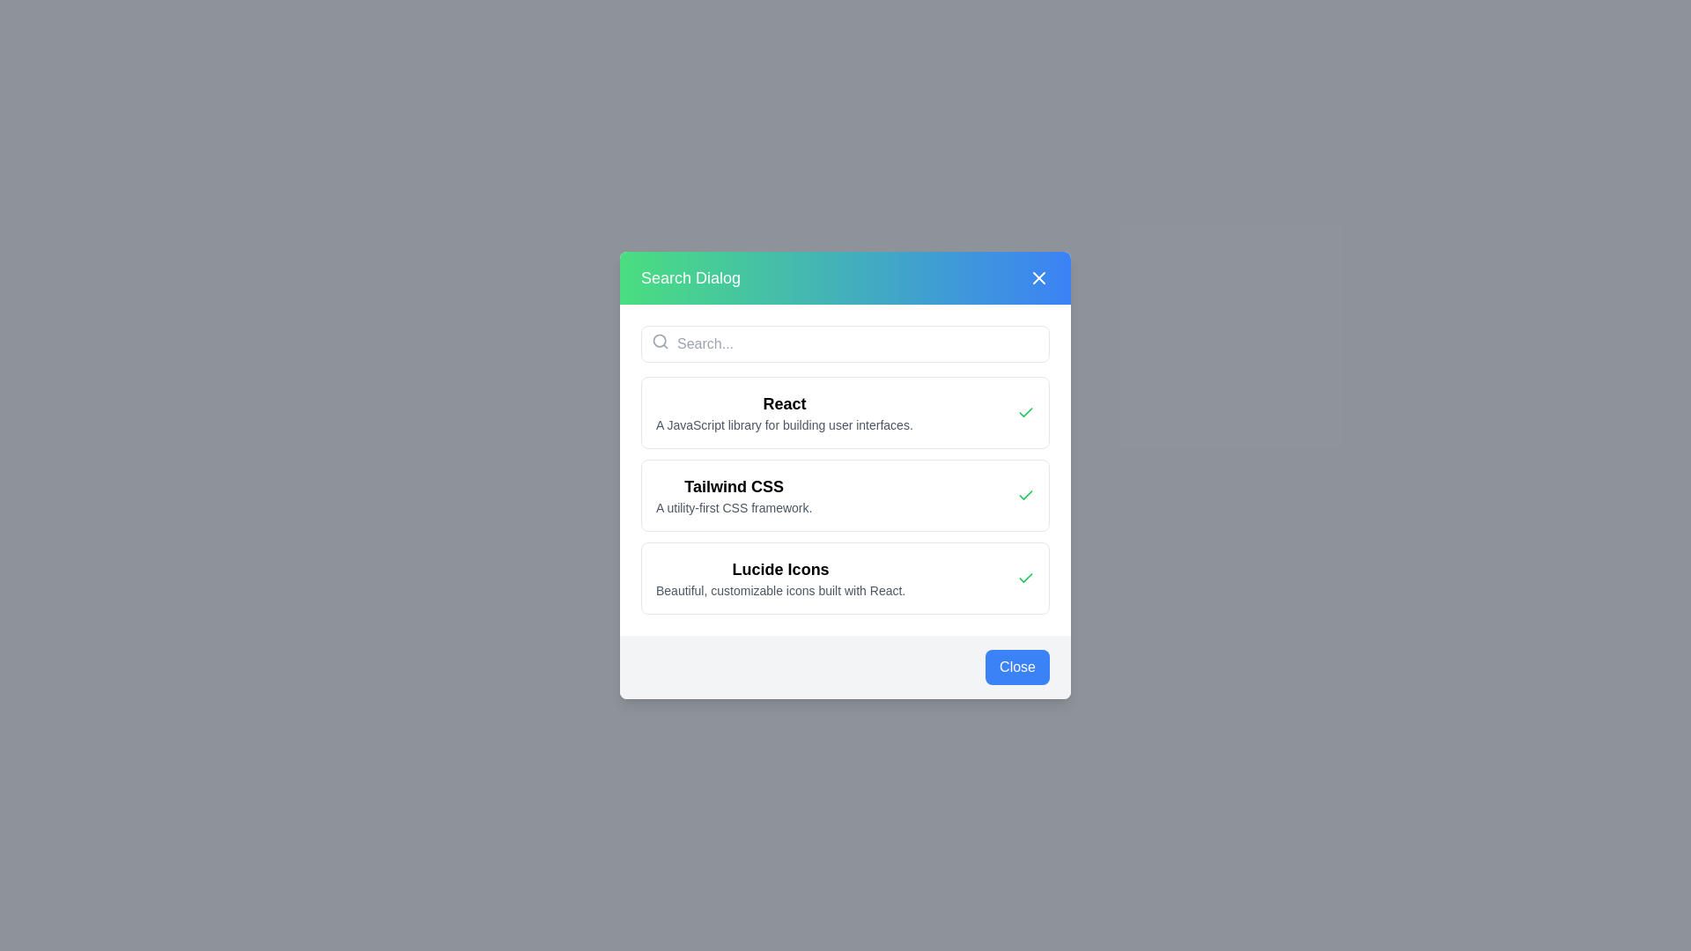  I want to click on the first selectable item in the 'Search Dialog' that provides information about the 'React' JavaScript library, so click(845, 413).